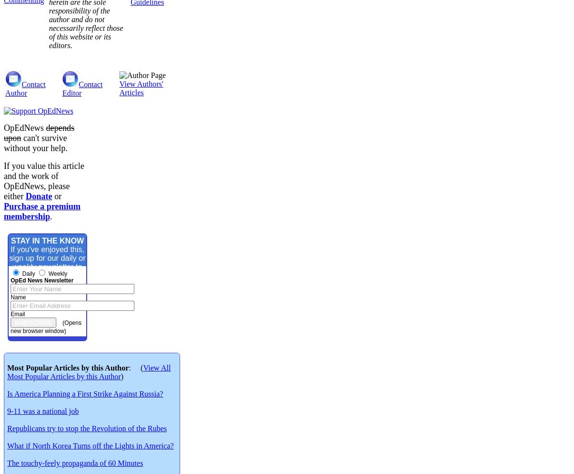  What do you see at coordinates (46, 241) in the screenshot?
I see `'STAY IN THE KNOW'` at bounding box center [46, 241].